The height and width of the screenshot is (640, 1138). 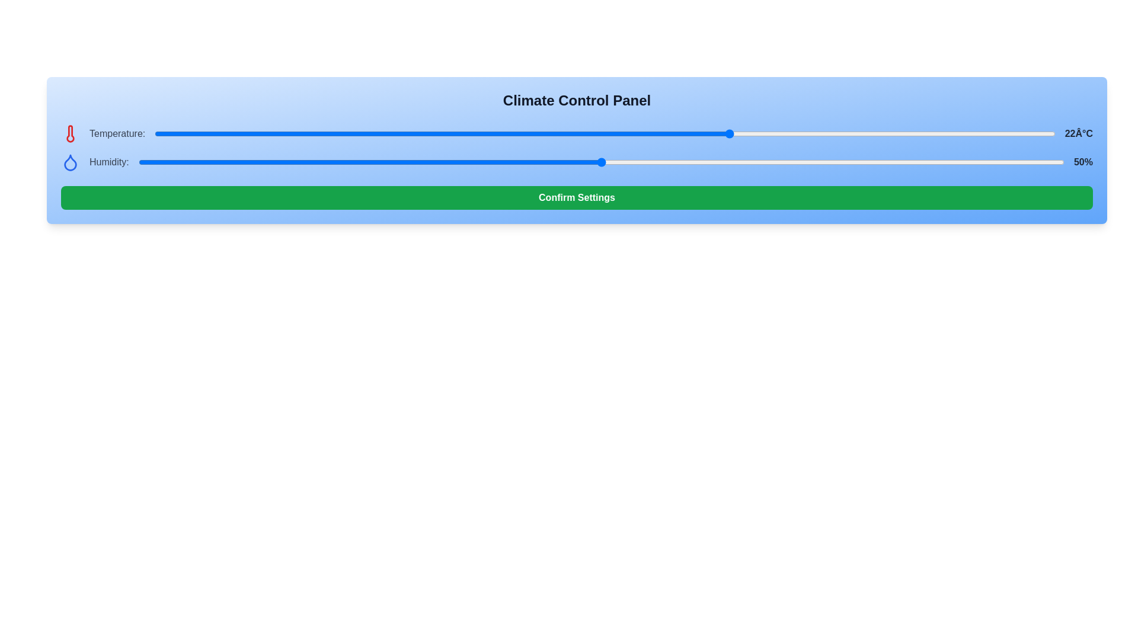 I want to click on the droplet icon to observe its details, so click(x=70, y=162).